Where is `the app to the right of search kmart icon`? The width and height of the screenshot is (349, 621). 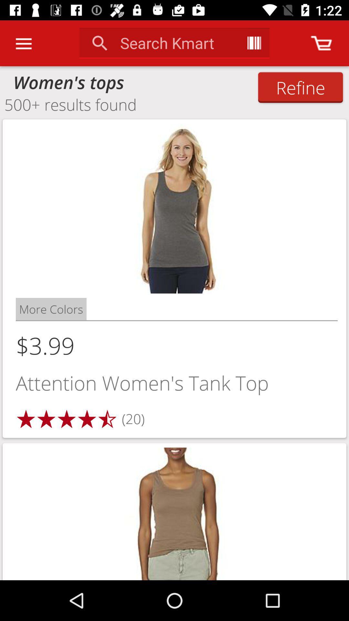
the app to the right of search kmart icon is located at coordinates (254, 43).